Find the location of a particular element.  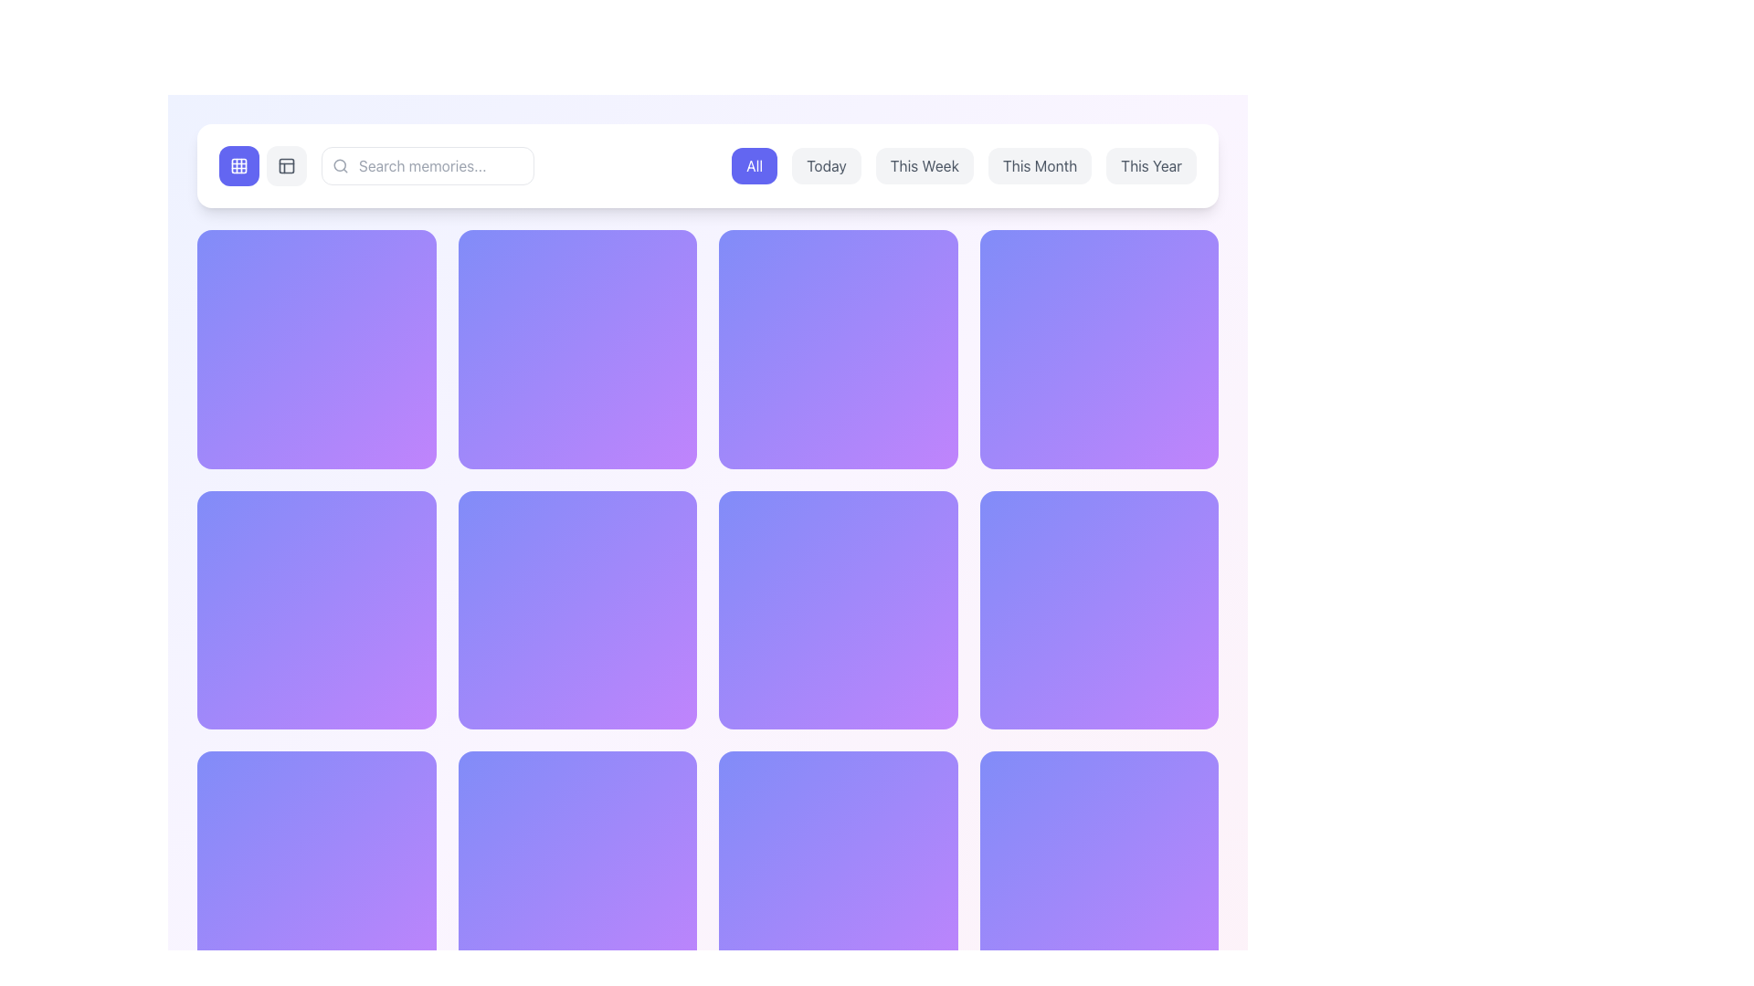

the interactive panel containing buttons and icons located in the top-right corner of the grid panel is located at coordinates (366, 520).